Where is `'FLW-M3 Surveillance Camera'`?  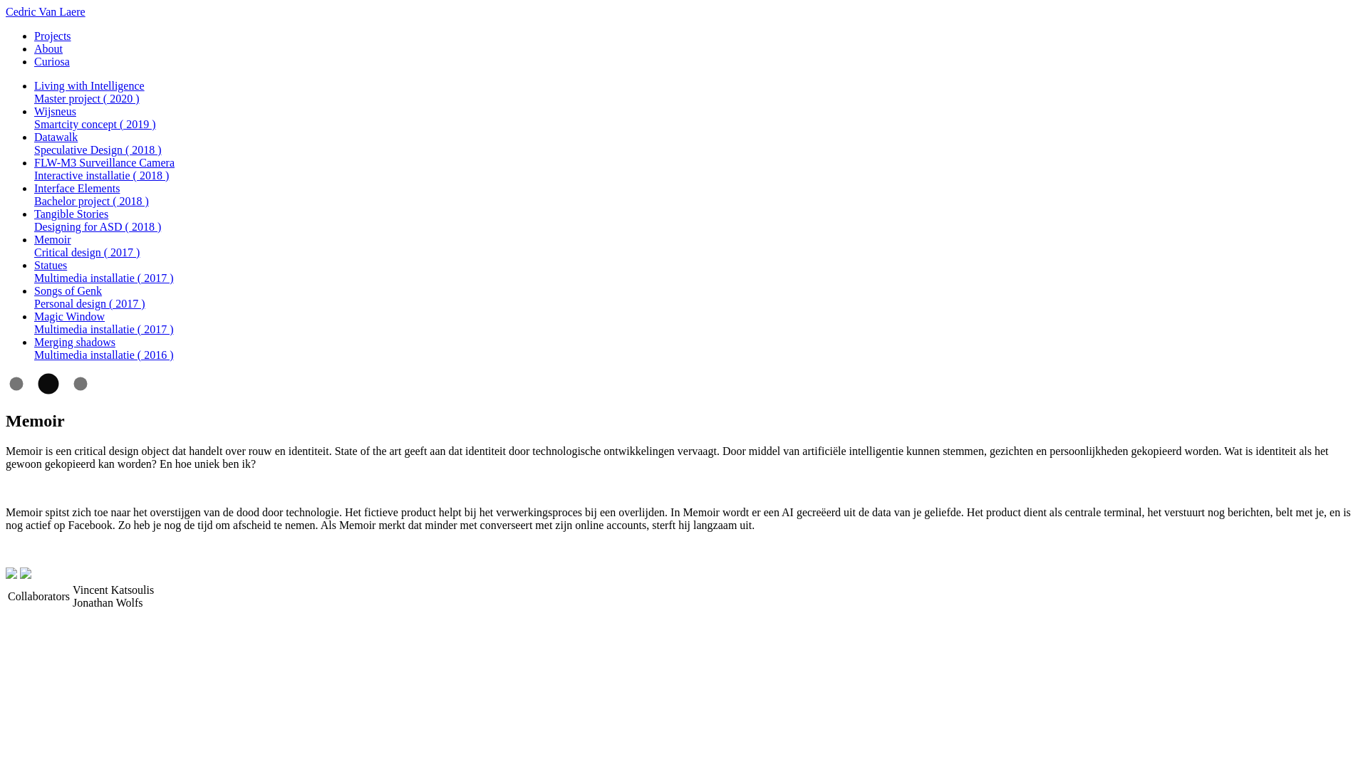
'FLW-M3 Surveillance Camera' is located at coordinates (34, 162).